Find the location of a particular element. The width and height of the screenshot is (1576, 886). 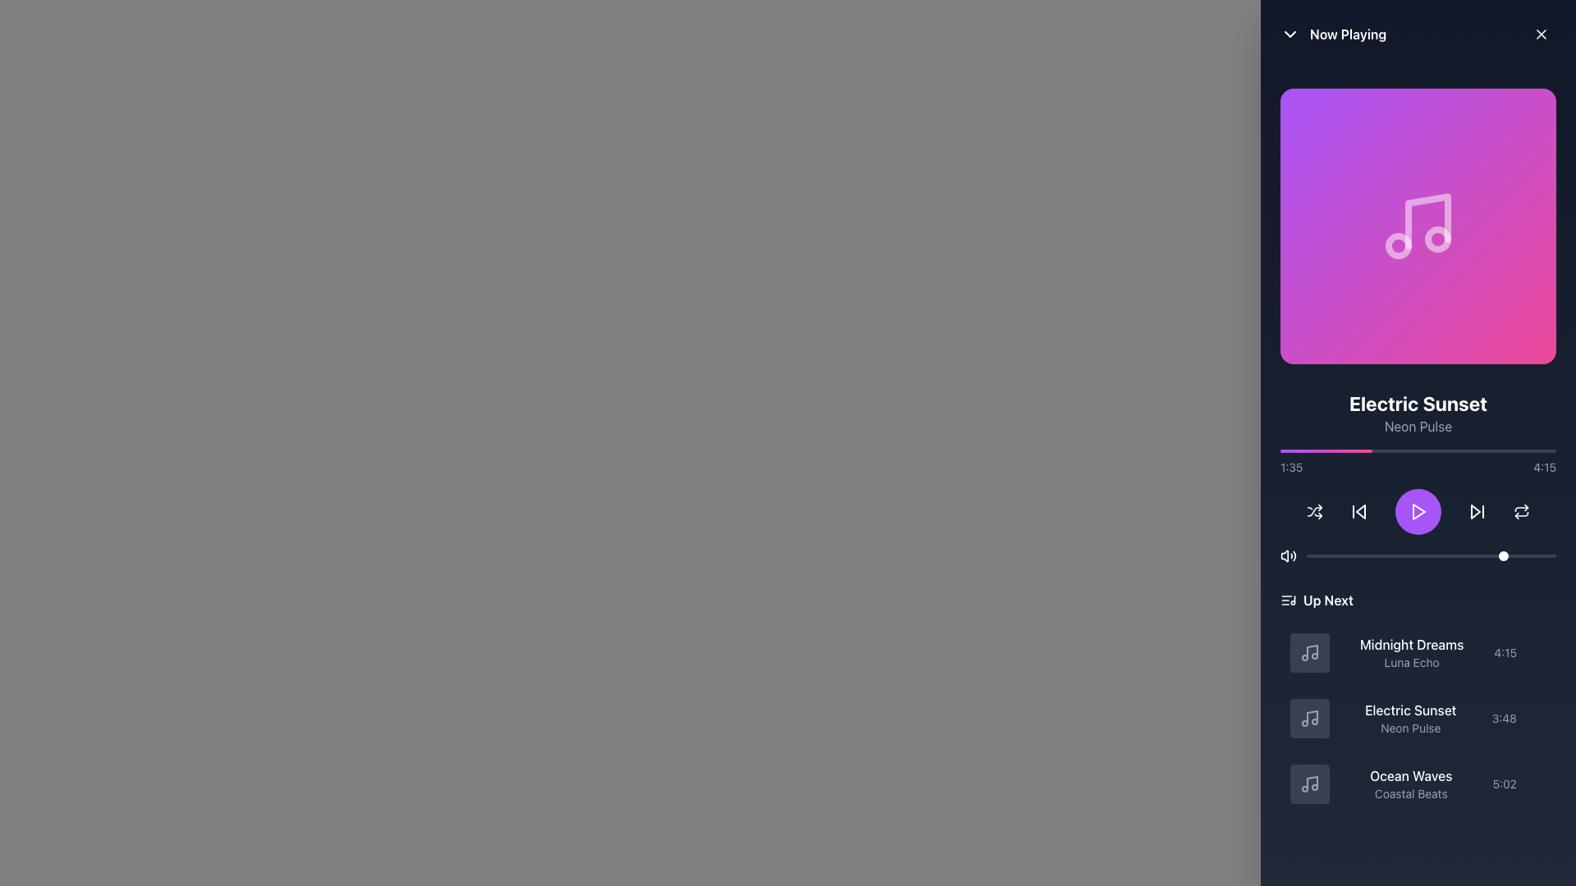

the text label displaying the total duration of the currently playing track, located in the bottom-right corner of the media player interface is located at coordinates (1544, 468).